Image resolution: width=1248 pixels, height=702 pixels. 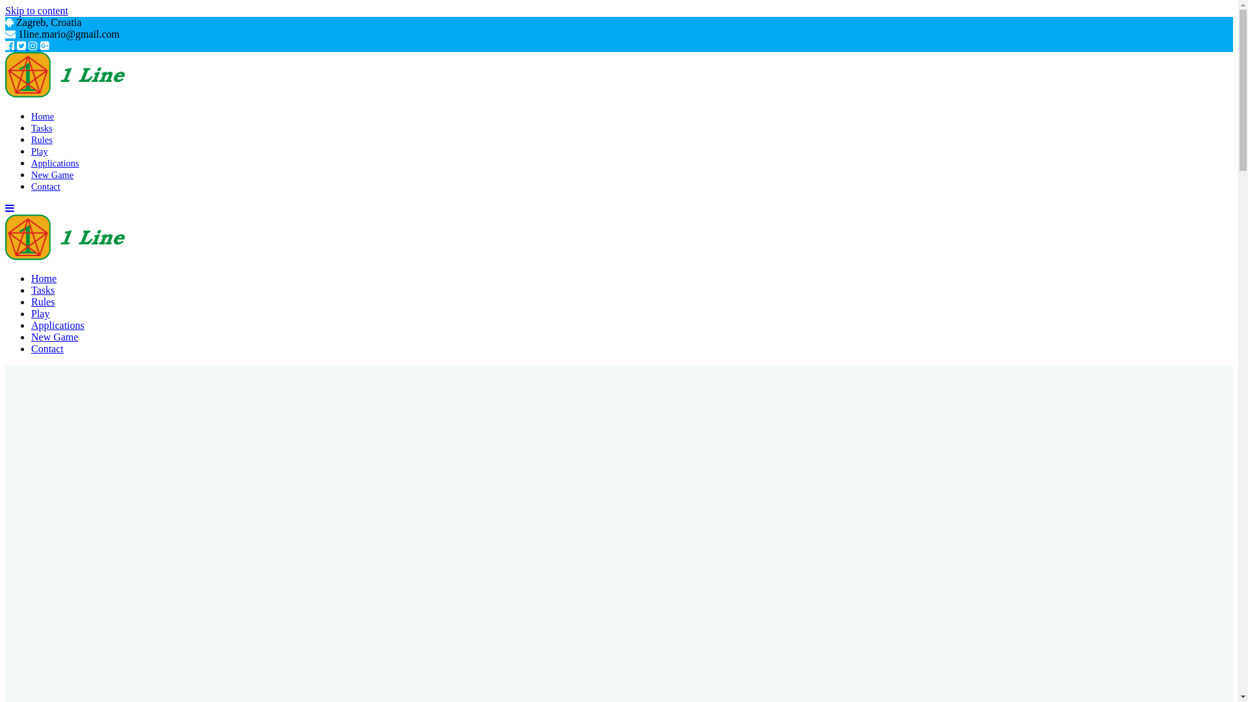 I want to click on 'Tasks', so click(x=42, y=127).